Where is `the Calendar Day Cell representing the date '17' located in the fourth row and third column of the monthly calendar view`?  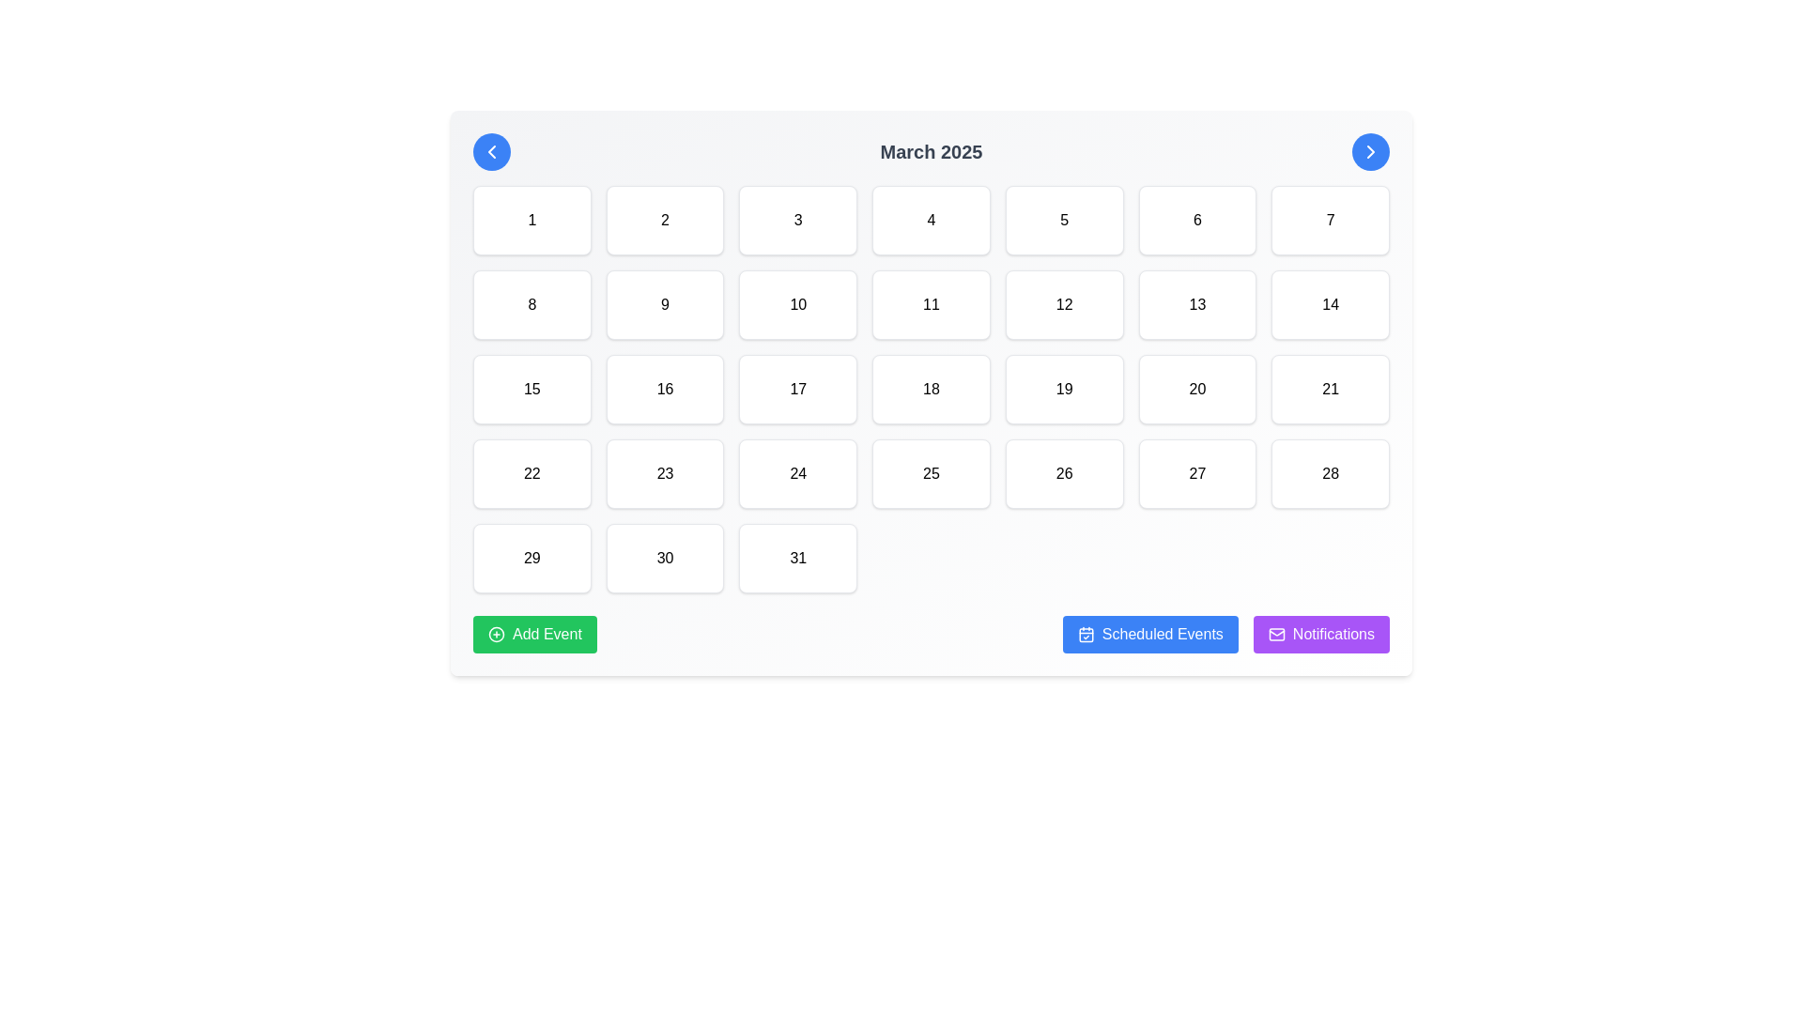
the Calendar Day Cell representing the date '17' located in the fourth row and third column of the monthly calendar view is located at coordinates (798, 389).